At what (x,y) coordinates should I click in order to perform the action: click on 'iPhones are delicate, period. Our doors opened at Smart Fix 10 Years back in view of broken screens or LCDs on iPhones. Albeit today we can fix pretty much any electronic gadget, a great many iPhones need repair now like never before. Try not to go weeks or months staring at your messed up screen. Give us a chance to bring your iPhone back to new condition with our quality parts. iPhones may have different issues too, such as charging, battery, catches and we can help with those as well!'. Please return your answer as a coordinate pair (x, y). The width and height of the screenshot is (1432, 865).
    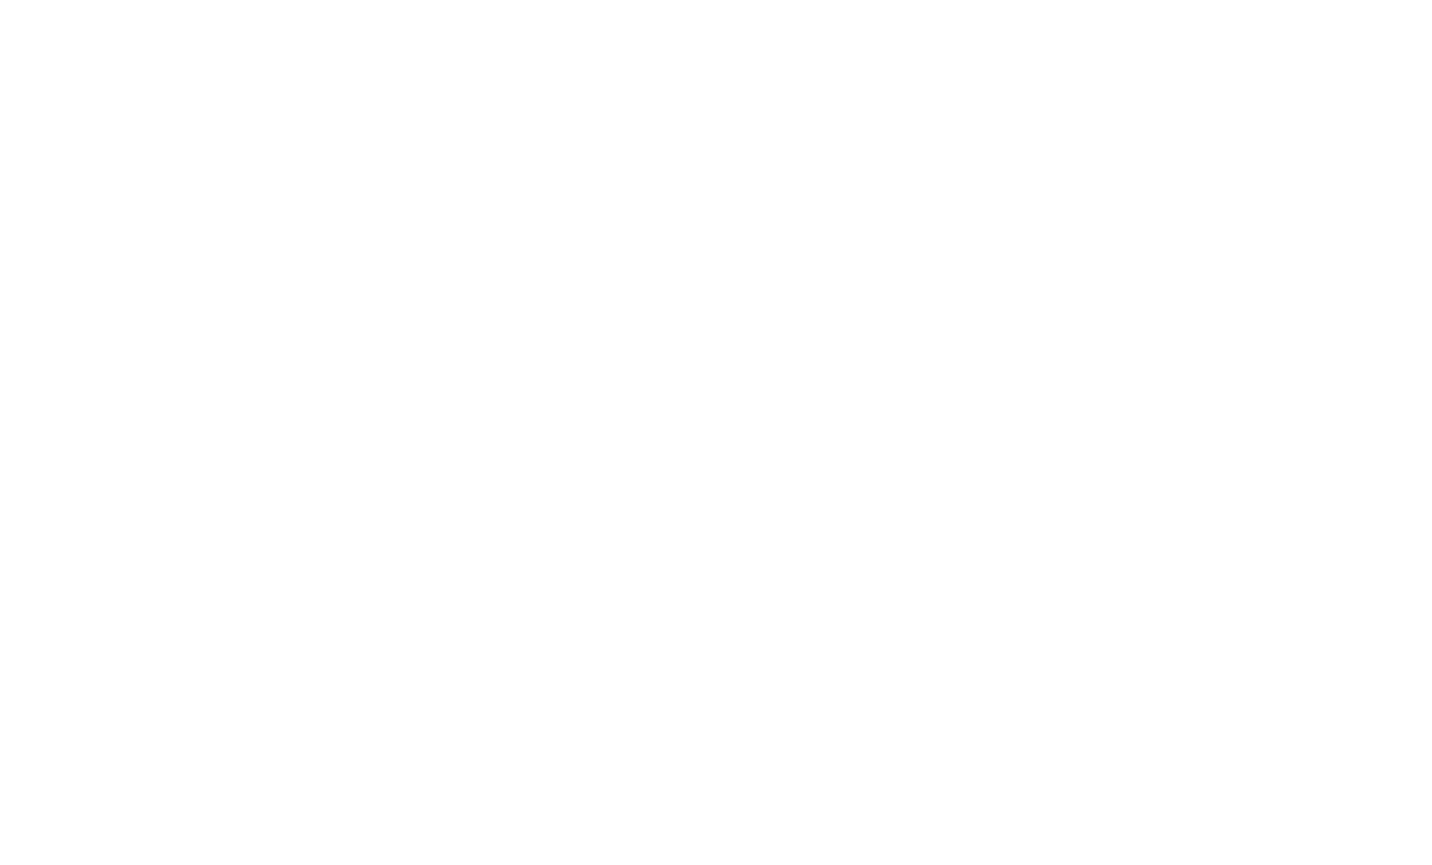
    Looking at the image, I should click on (715, 64).